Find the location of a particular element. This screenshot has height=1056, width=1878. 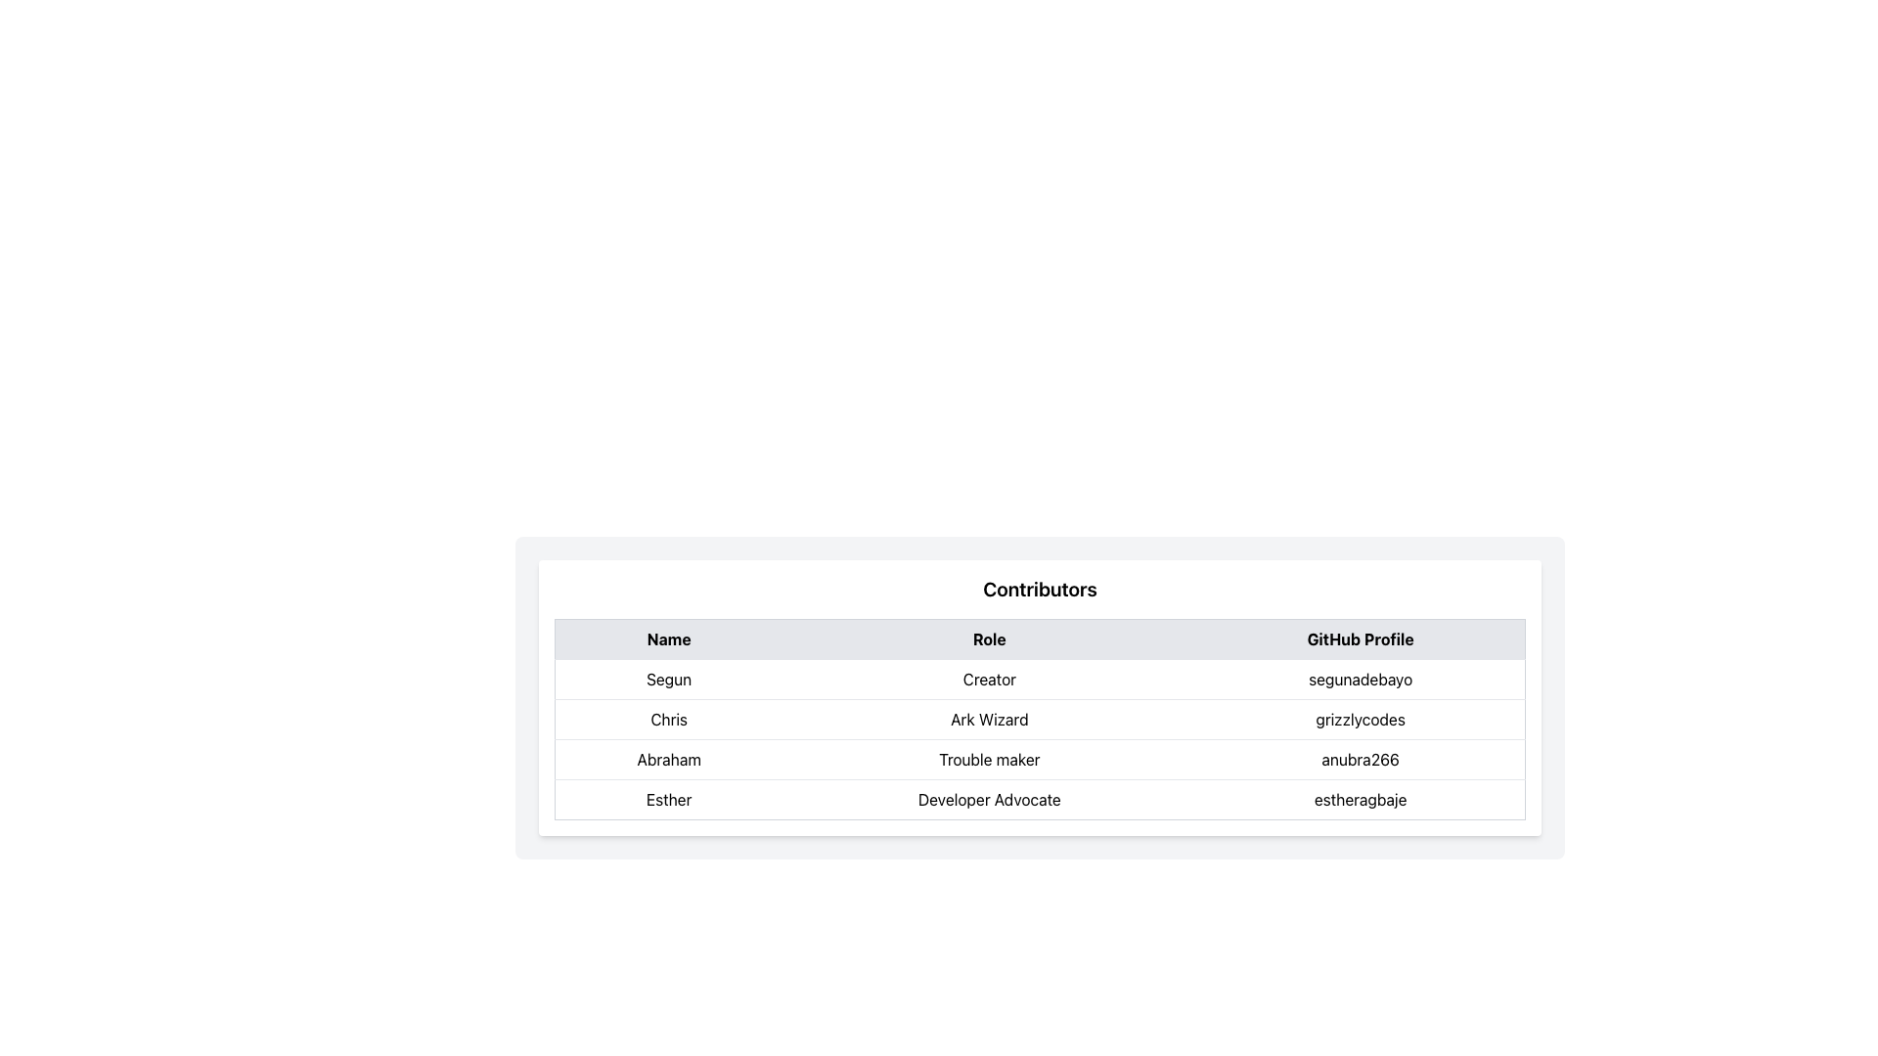

the text label 'Abraham' located in the first cell of the third row under the 'Name' column in the contributor information table is located at coordinates (668, 758).